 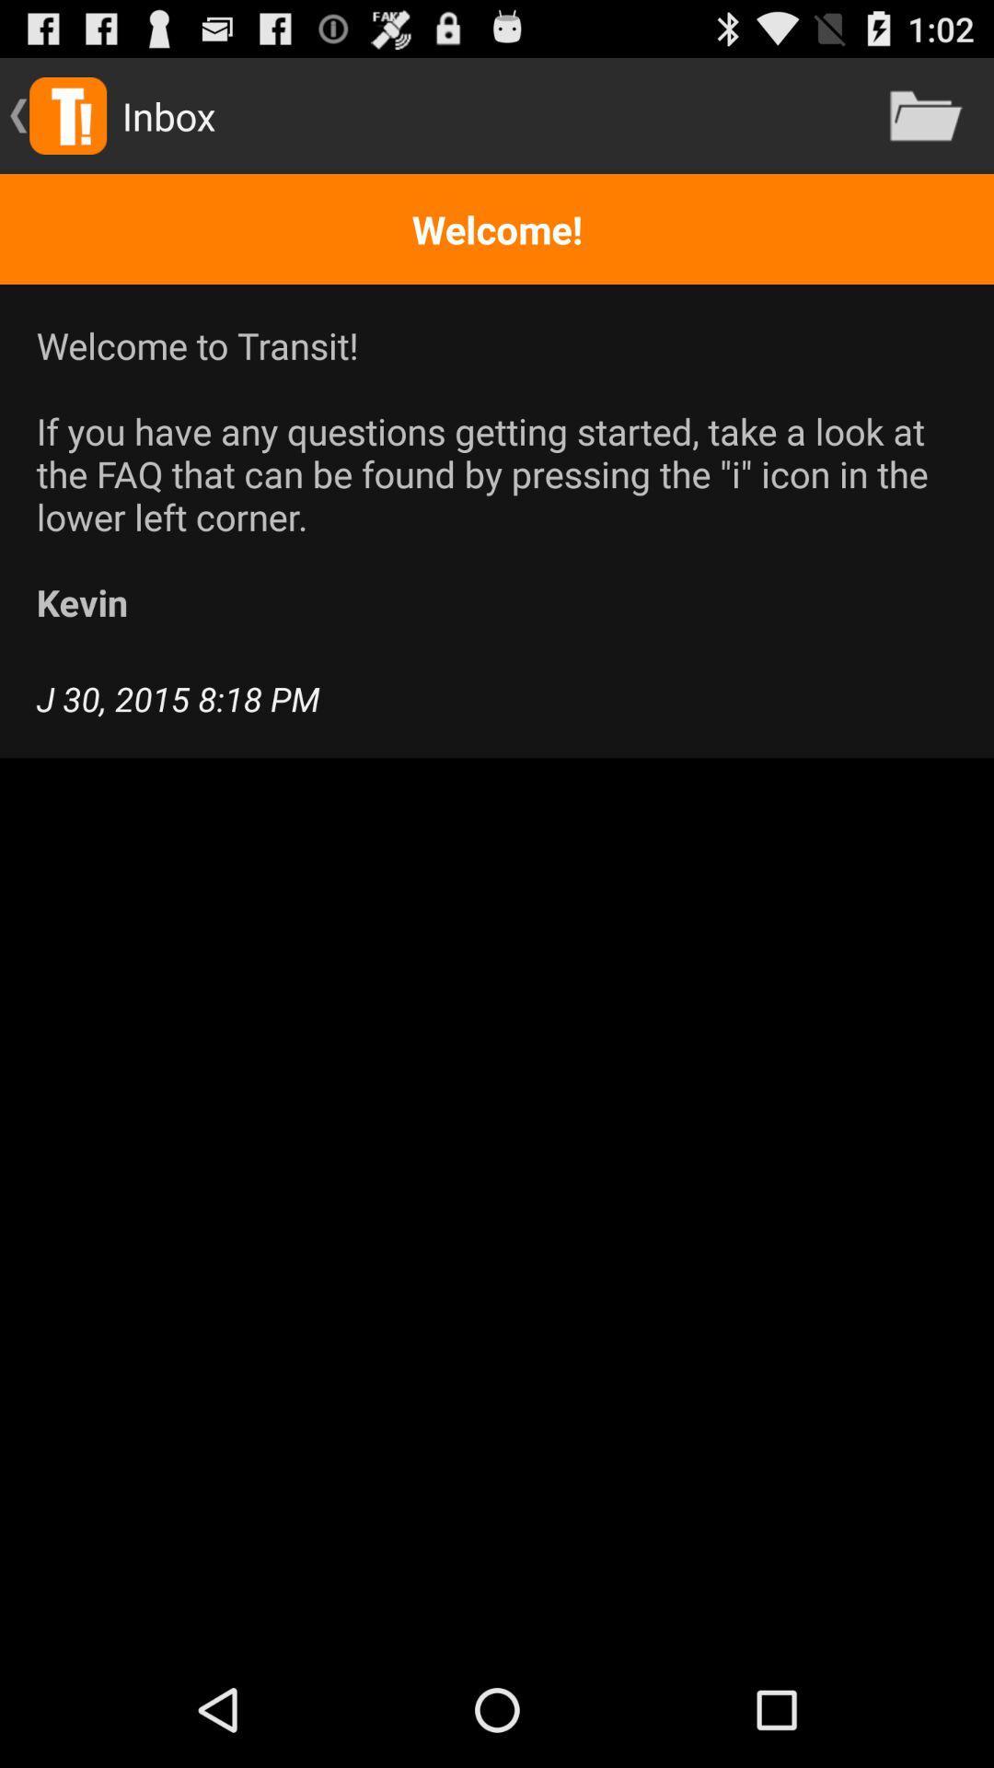 I want to click on icon above the j 30 2015 app, so click(x=497, y=473).